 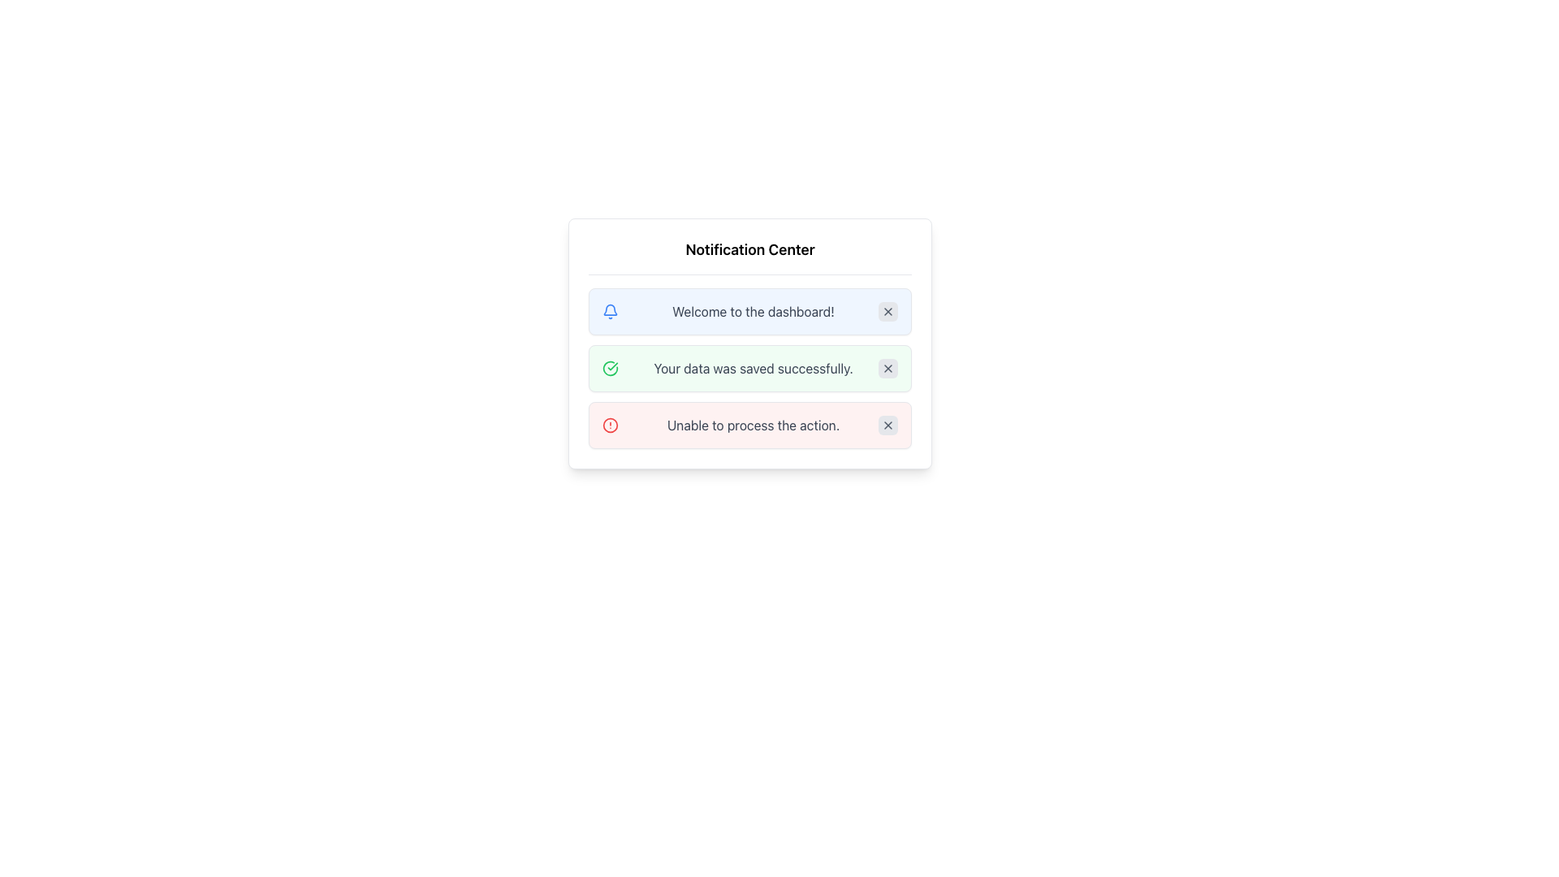 What do you see at coordinates (752, 369) in the screenshot?
I see `the static text displaying 'Your data was saved successfully.' which is centered within a green notification card` at bounding box center [752, 369].